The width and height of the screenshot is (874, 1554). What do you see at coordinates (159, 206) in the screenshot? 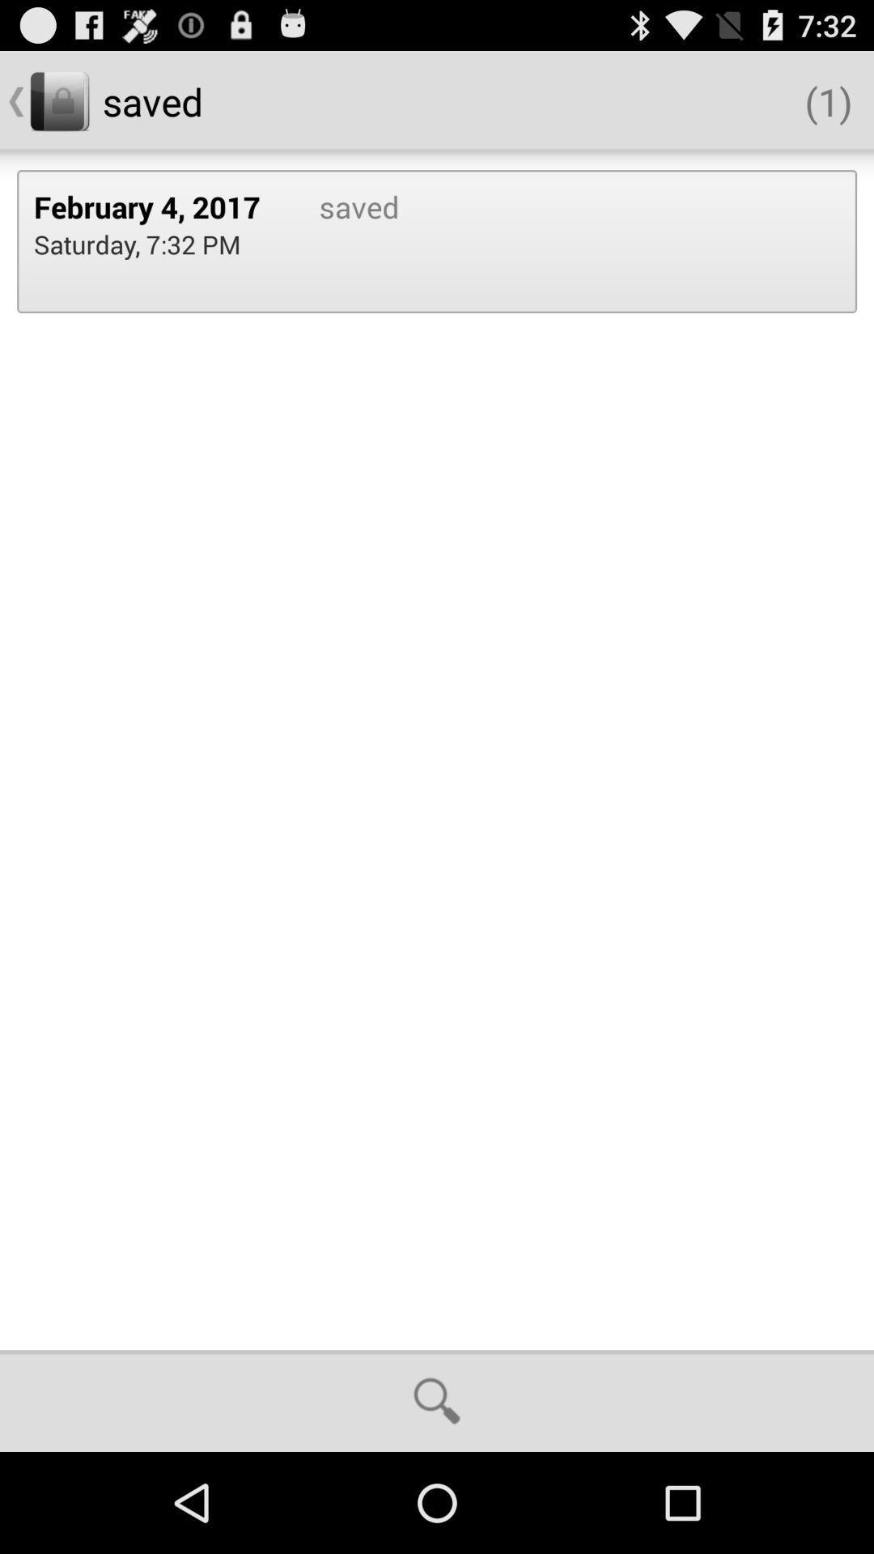
I see `the february 4, 2017 item` at bounding box center [159, 206].